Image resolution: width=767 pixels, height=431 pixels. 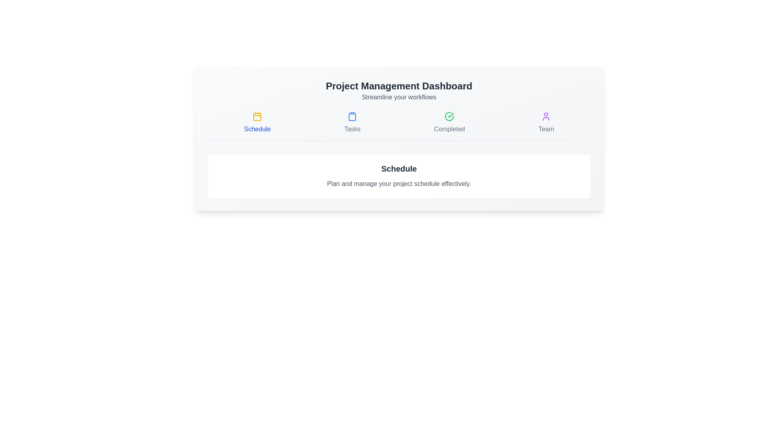 What do you see at coordinates (449, 123) in the screenshot?
I see `the tab named Completed` at bounding box center [449, 123].